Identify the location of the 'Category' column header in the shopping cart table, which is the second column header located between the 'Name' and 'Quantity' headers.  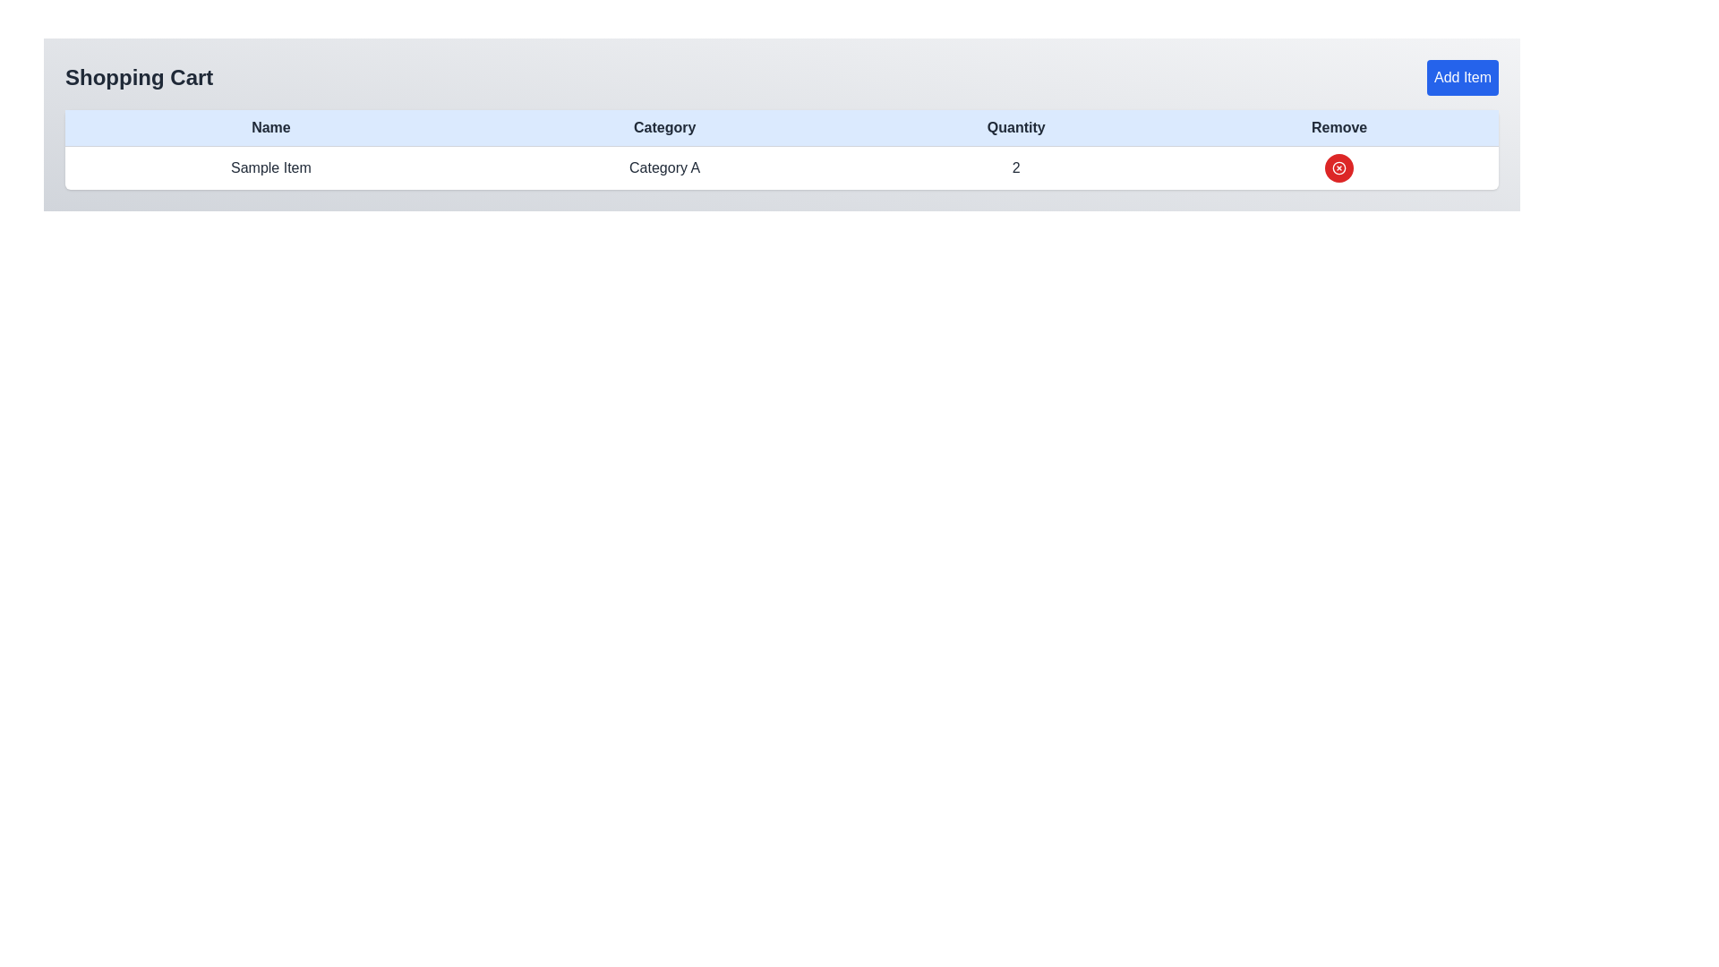
(663, 127).